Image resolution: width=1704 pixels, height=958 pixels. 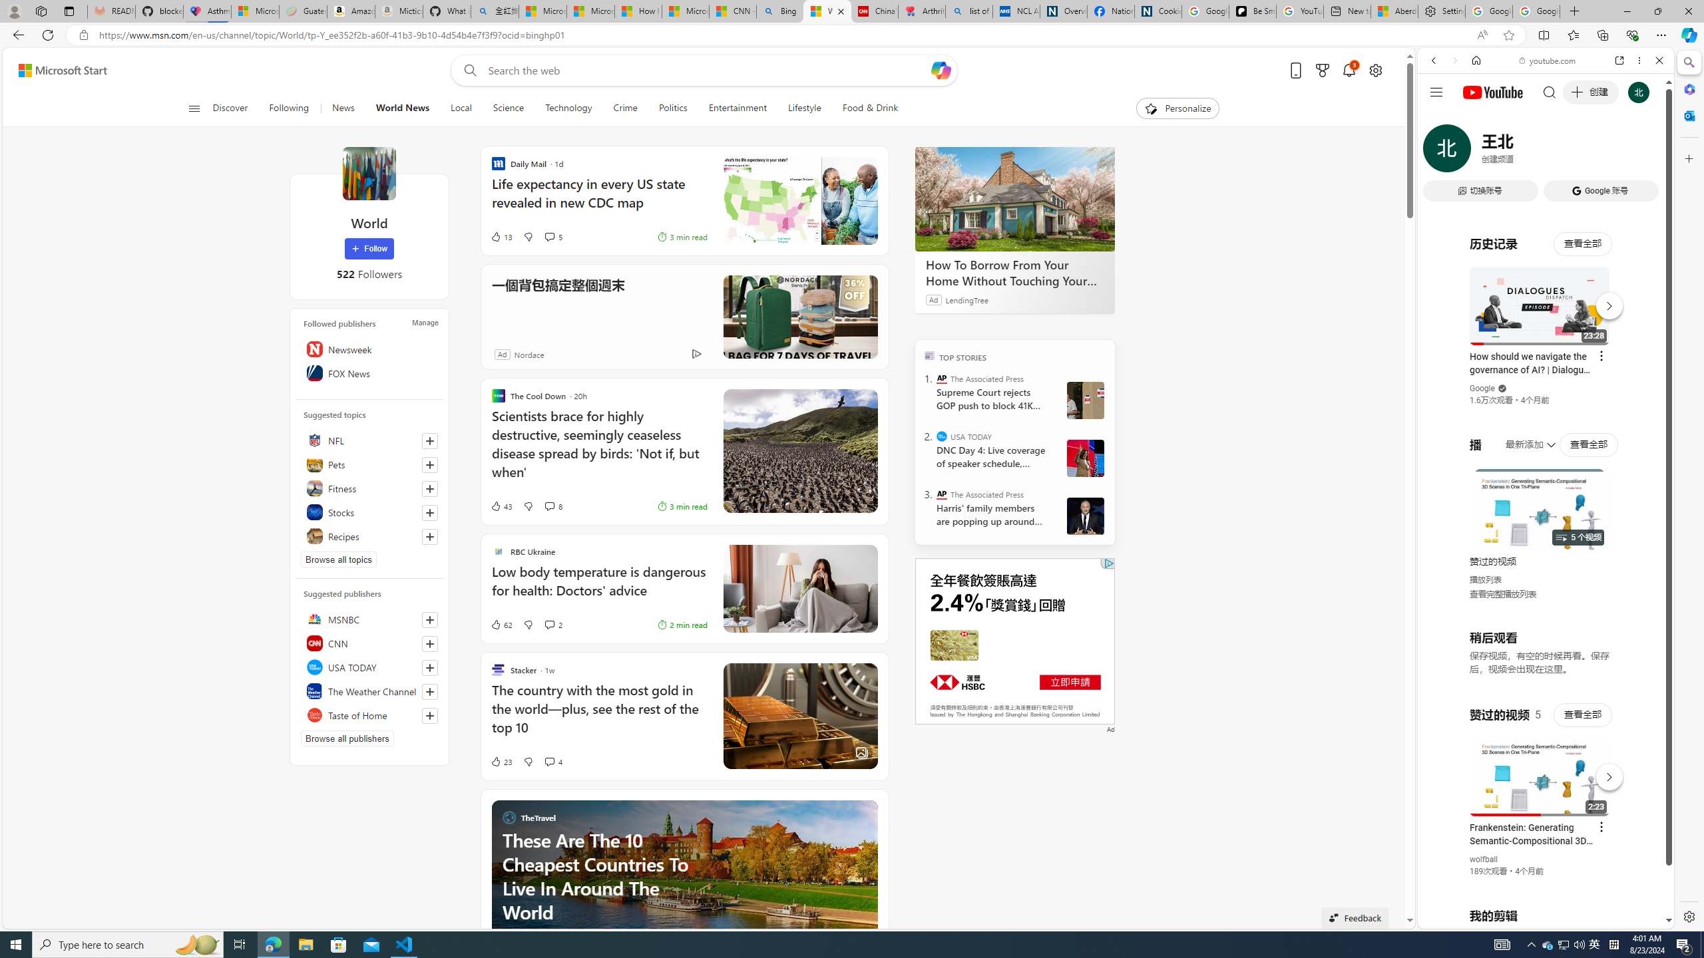 What do you see at coordinates (429, 537) in the screenshot?
I see `'Follow this topic'` at bounding box center [429, 537].